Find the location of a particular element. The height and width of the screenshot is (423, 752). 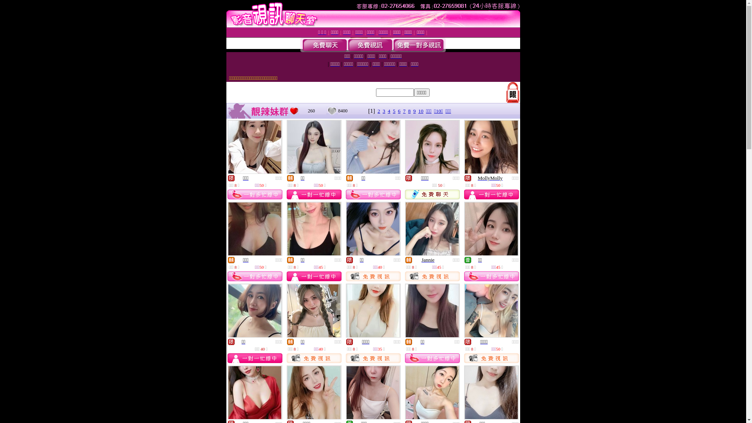

'4' is located at coordinates (389, 111).